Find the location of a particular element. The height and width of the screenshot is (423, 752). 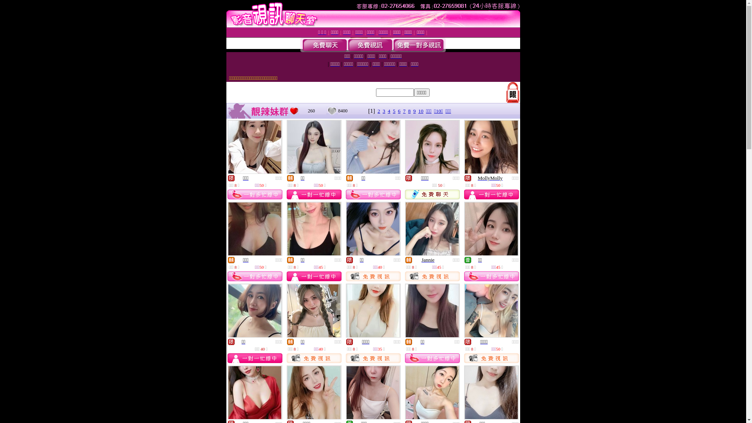

'4' is located at coordinates (389, 111).